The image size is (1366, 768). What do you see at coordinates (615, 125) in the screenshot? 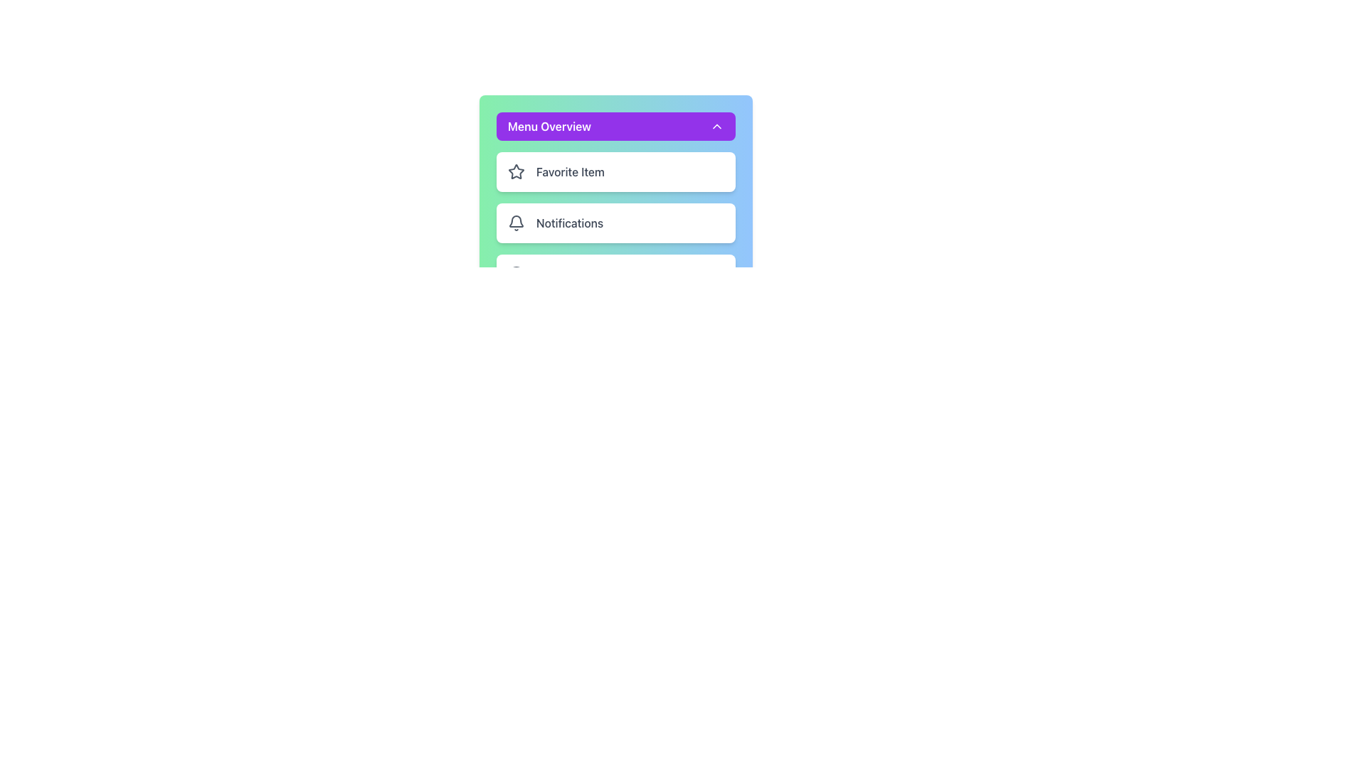
I see `the Dropdown toggle button located at the top of the menu` at bounding box center [615, 125].